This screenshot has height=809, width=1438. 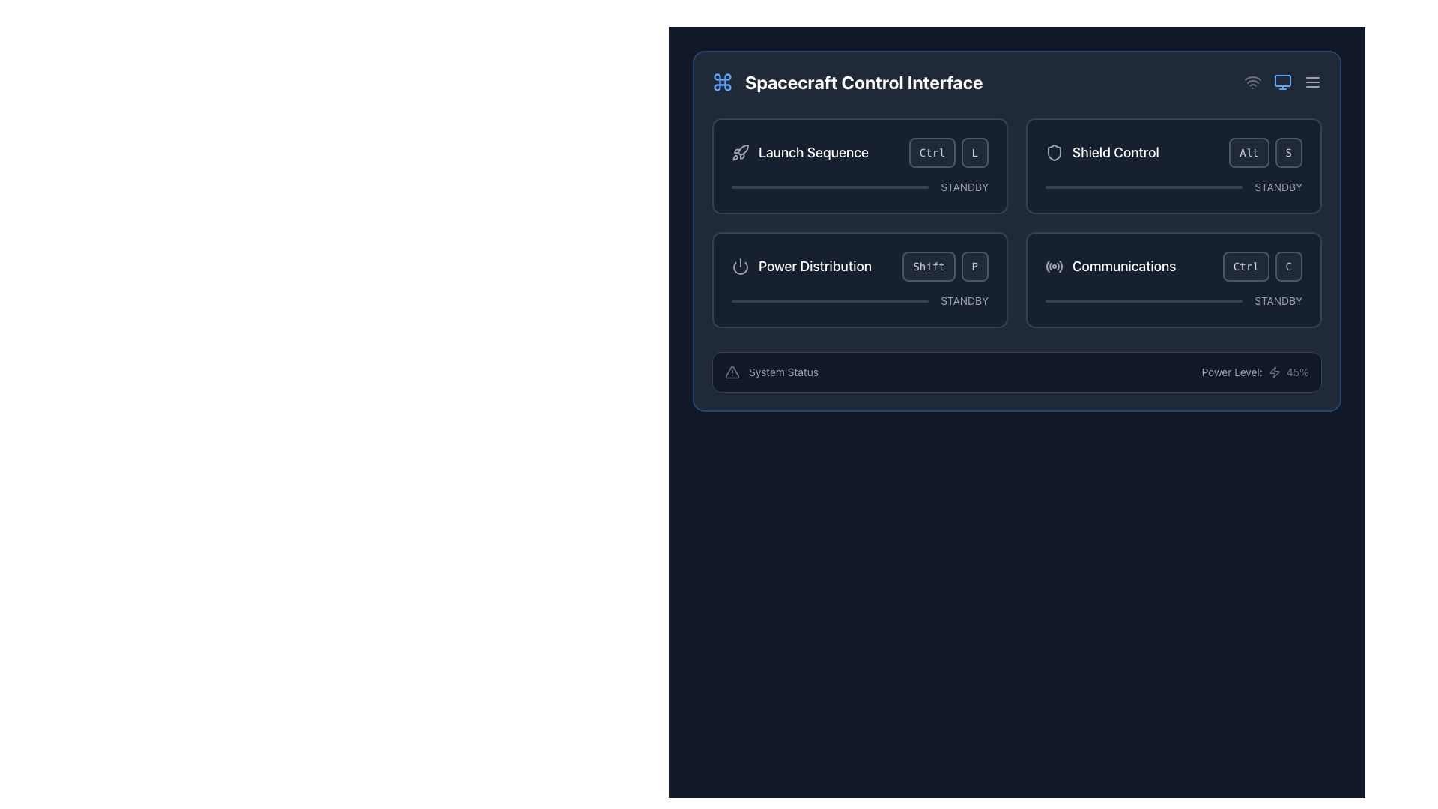 I want to click on the button labeled 'P' located in the 'Power Distribution' section of the 'Spacecraft Control Interface' for navigation, so click(x=974, y=265).